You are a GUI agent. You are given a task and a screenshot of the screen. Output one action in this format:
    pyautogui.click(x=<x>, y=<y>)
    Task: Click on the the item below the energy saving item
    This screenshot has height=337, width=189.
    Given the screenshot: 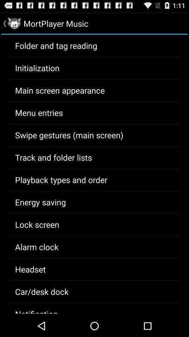 What is the action you would take?
    pyautogui.click(x=37, y=224)
    